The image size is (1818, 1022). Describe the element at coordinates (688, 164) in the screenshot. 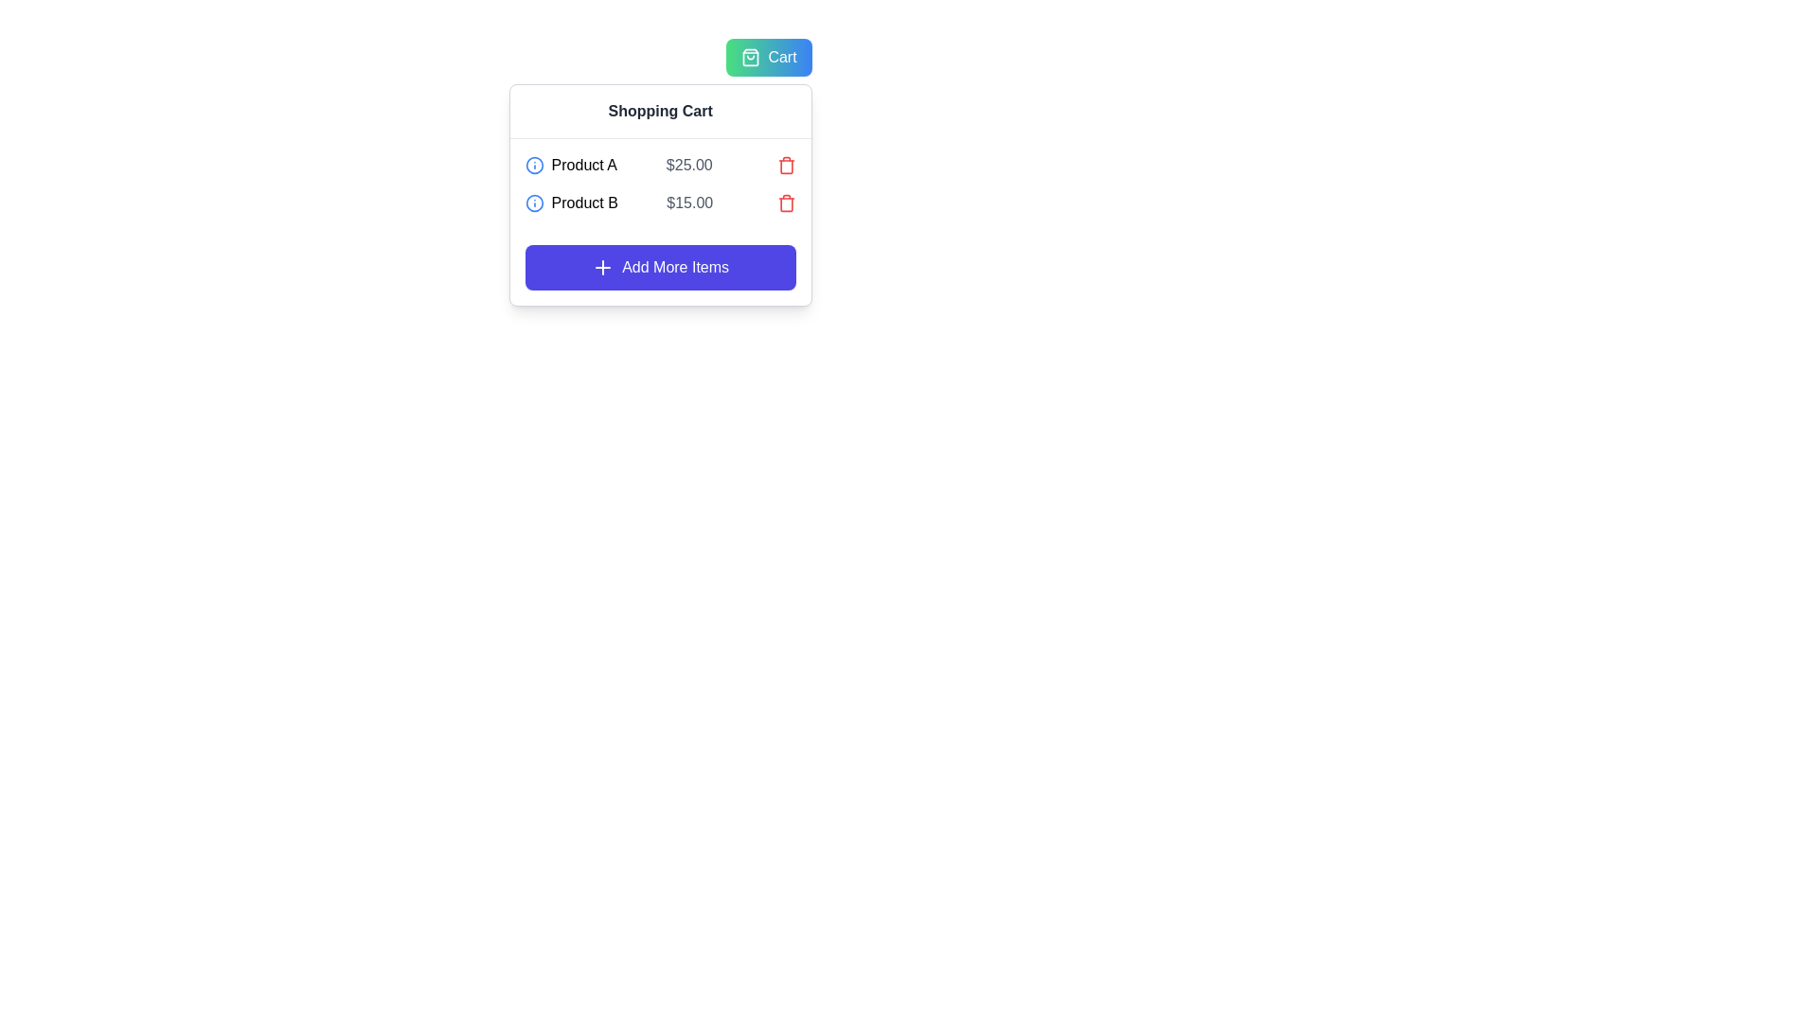

I see `the static text label displaying '$25.00', which is located in the right half of the row for 'Product A' in the shopping cart` at that location.